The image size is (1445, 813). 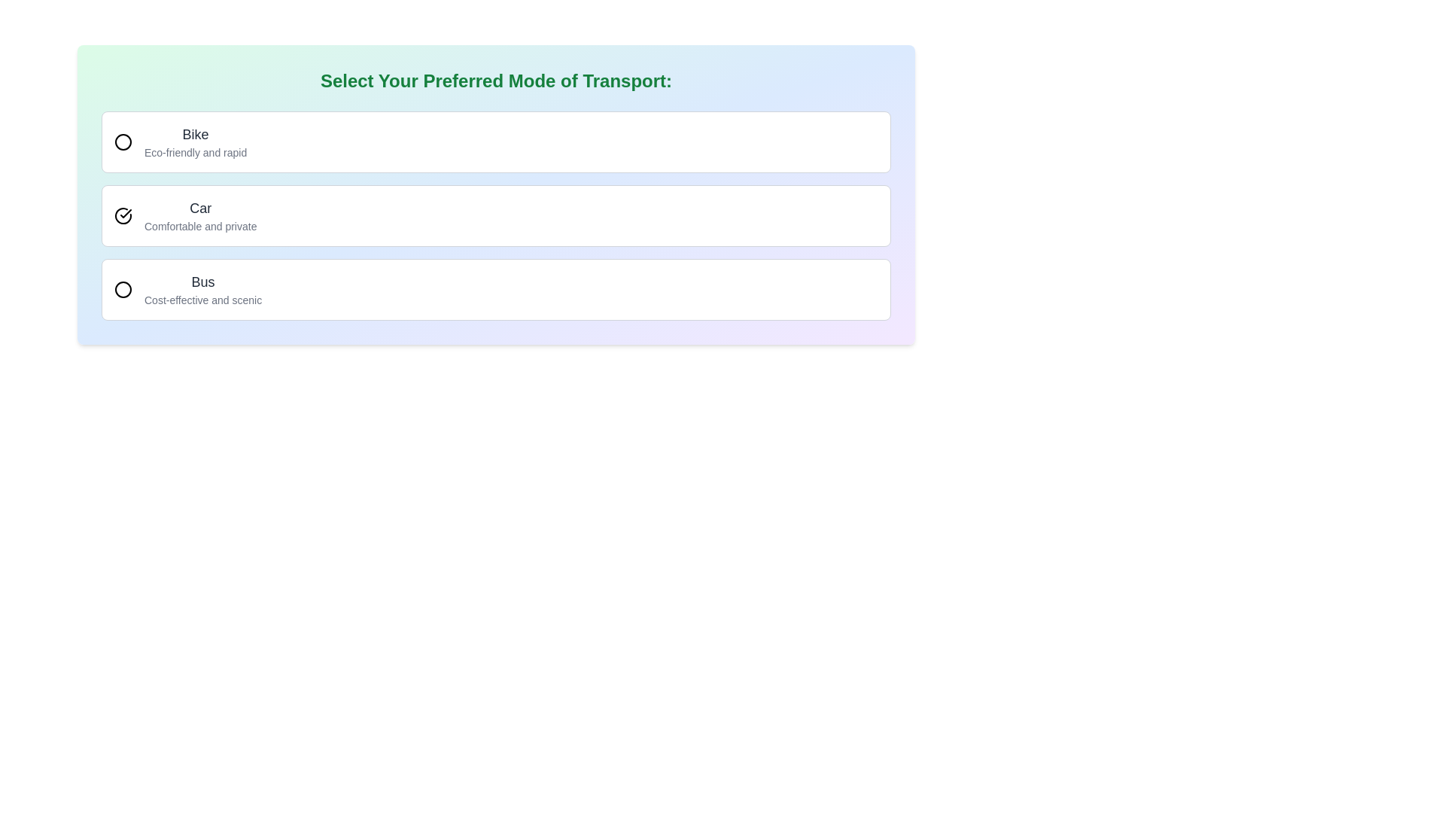 I want to click on the static text element labeled 'Bike', which serves as a title for a transport option in the list, so click(x=195, y=133).